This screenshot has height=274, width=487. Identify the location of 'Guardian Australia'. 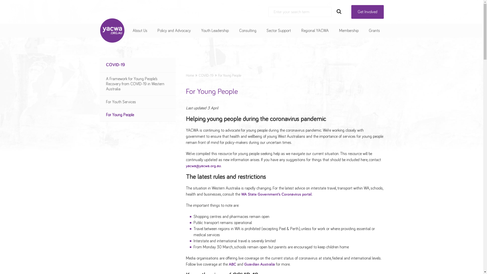
(259, 264).